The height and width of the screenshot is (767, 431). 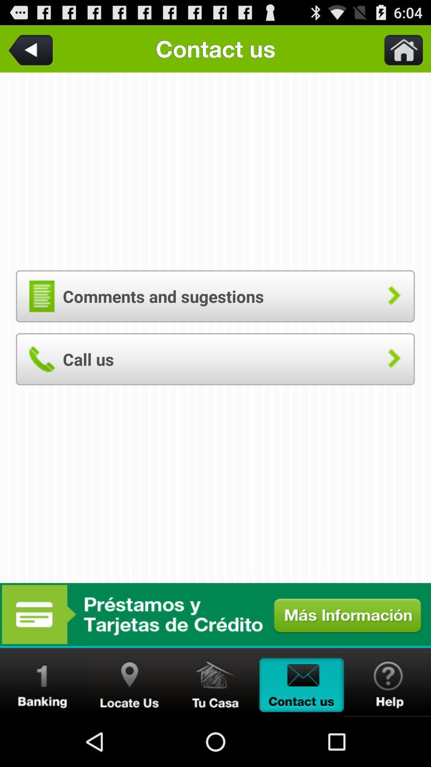 What do you see at coordinates (129, 682) in the screenshot?
I see `find a location` at bounding box center [129, 682].